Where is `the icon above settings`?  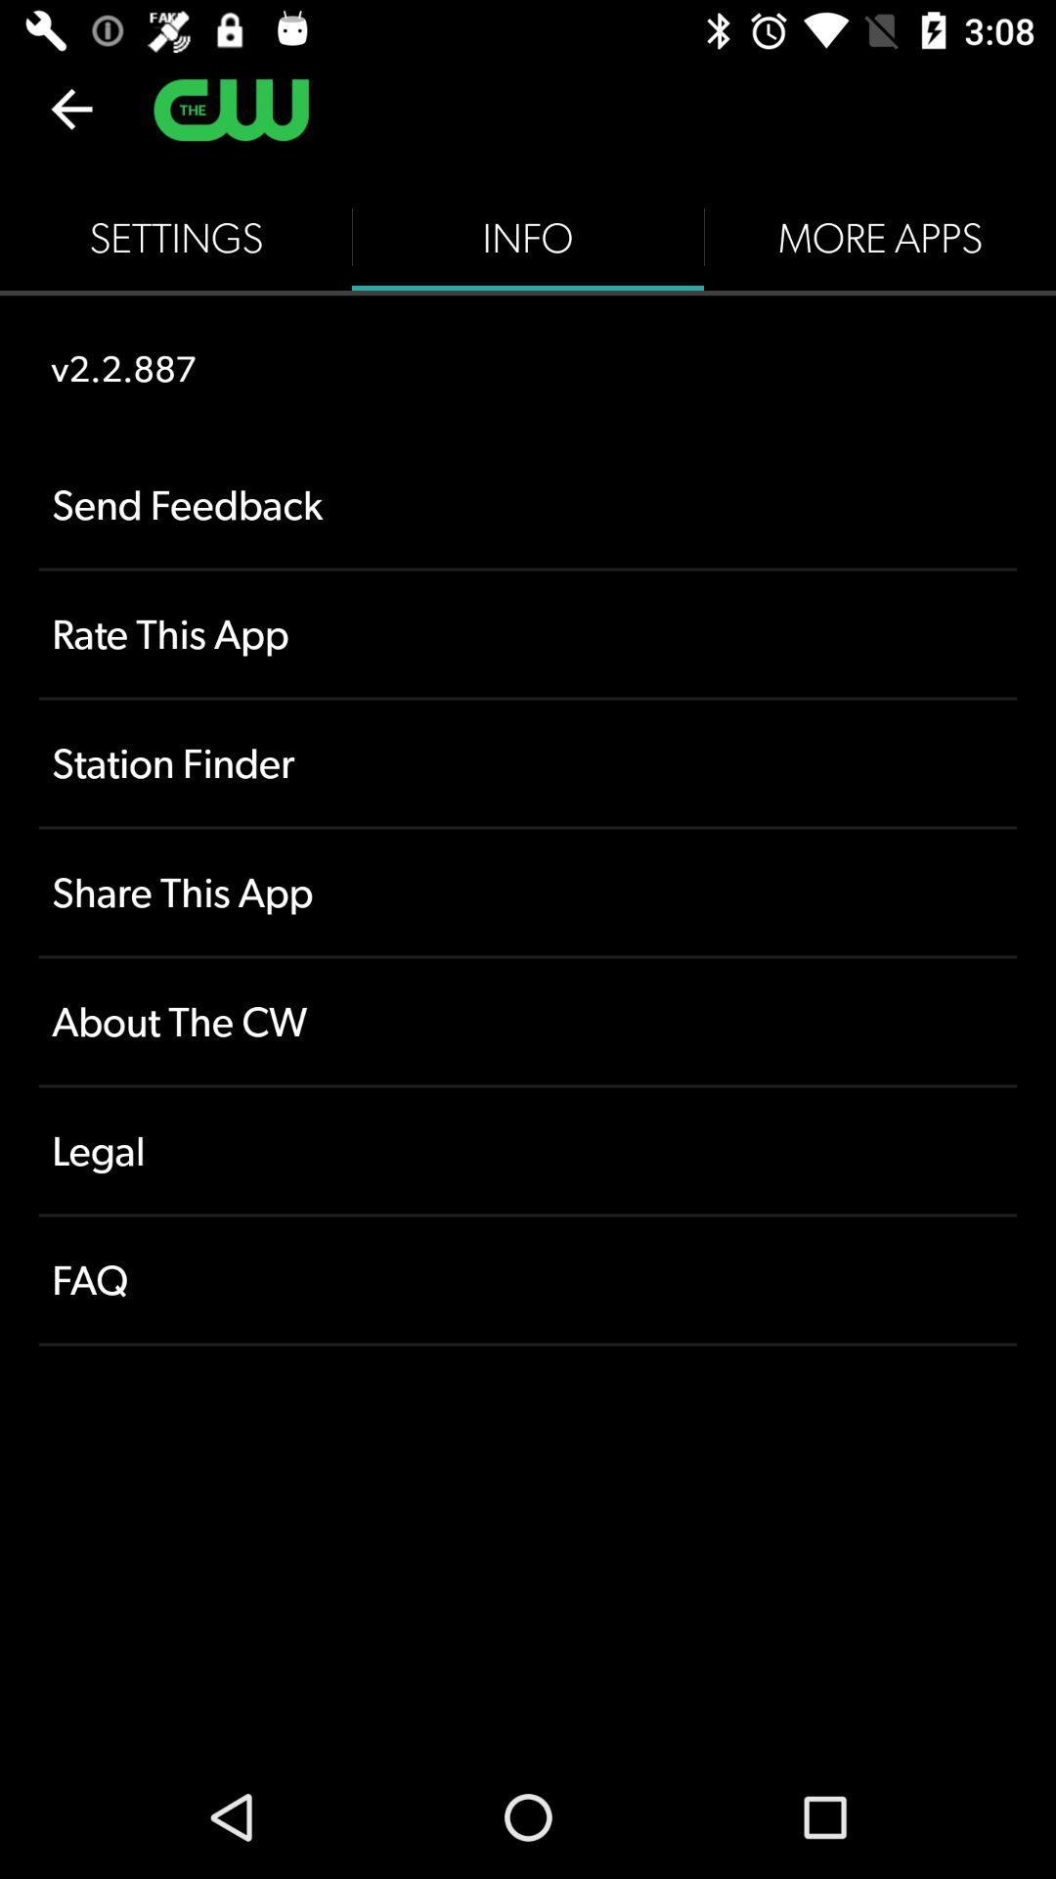 the icon above settings is located at coordinates (70, 108).